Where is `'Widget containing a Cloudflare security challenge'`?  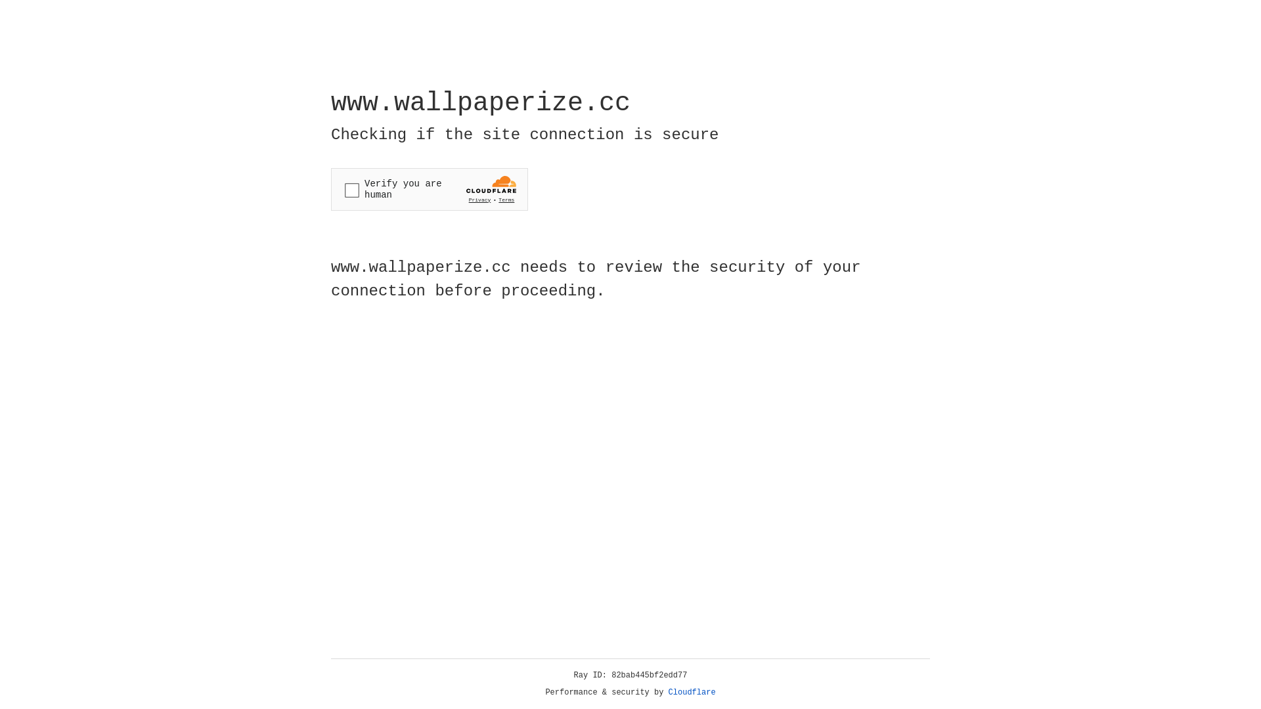 'Widget containing a Cloudflare security challenge' is located at coordinates (429, 189).